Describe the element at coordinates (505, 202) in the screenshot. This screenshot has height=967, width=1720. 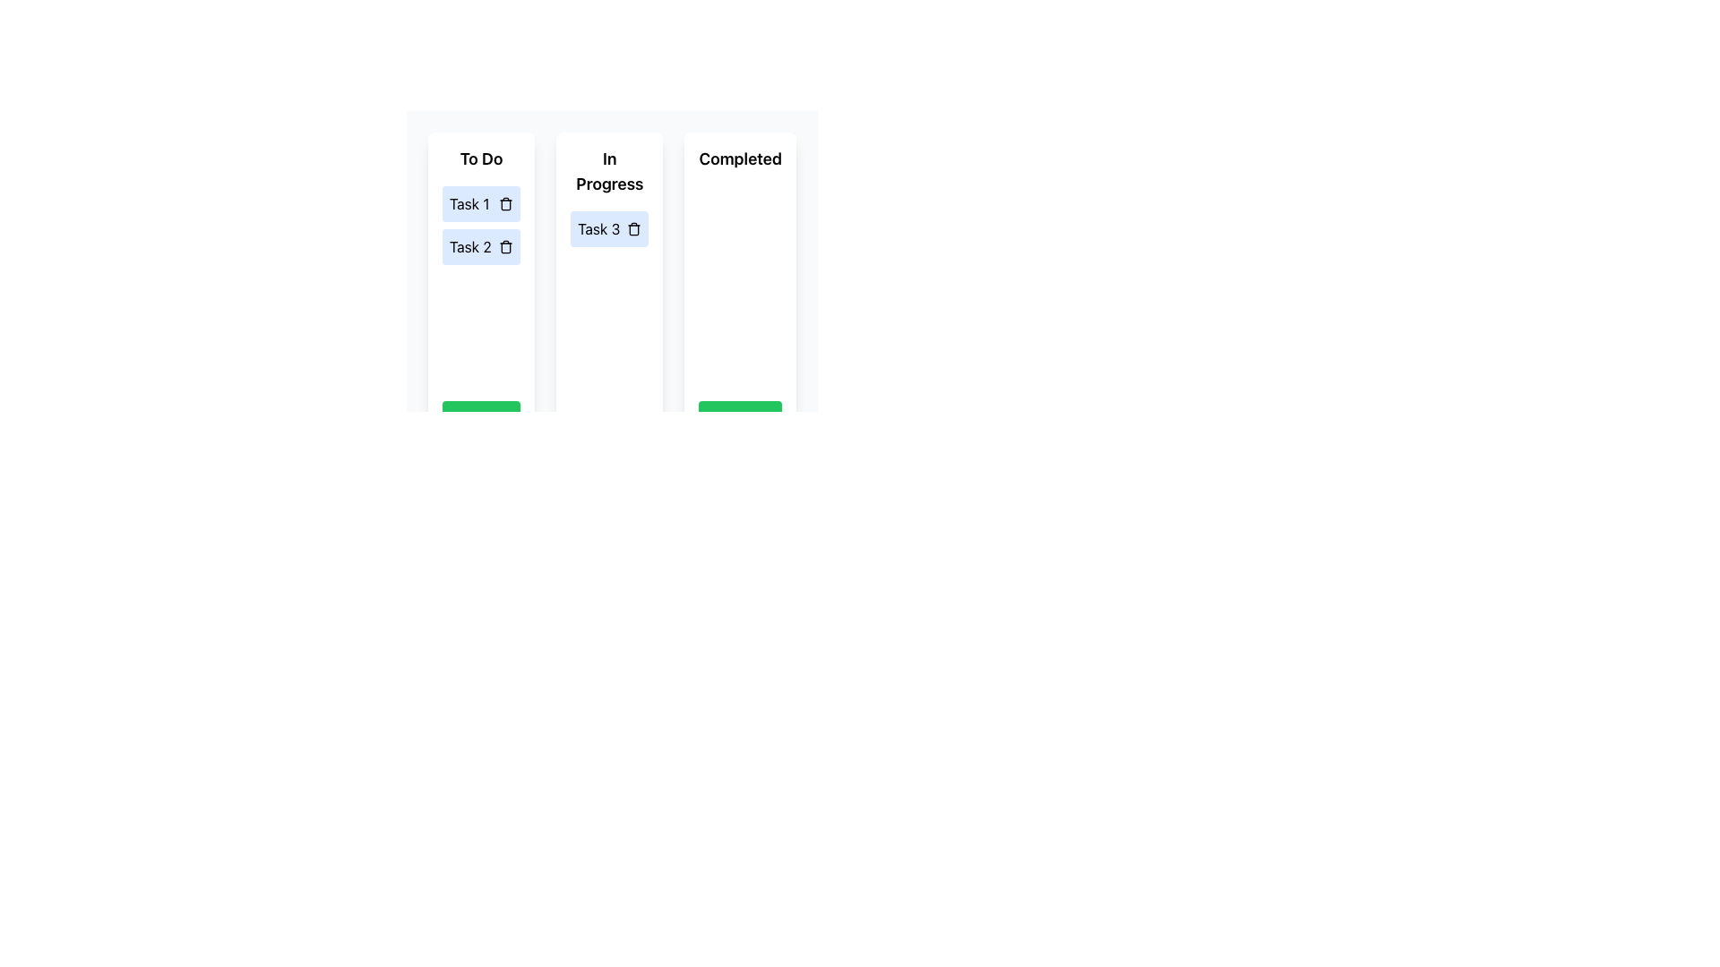
I see `the trash icon button, which features a stylized outline of a trash bin on a light blue background` at that location.